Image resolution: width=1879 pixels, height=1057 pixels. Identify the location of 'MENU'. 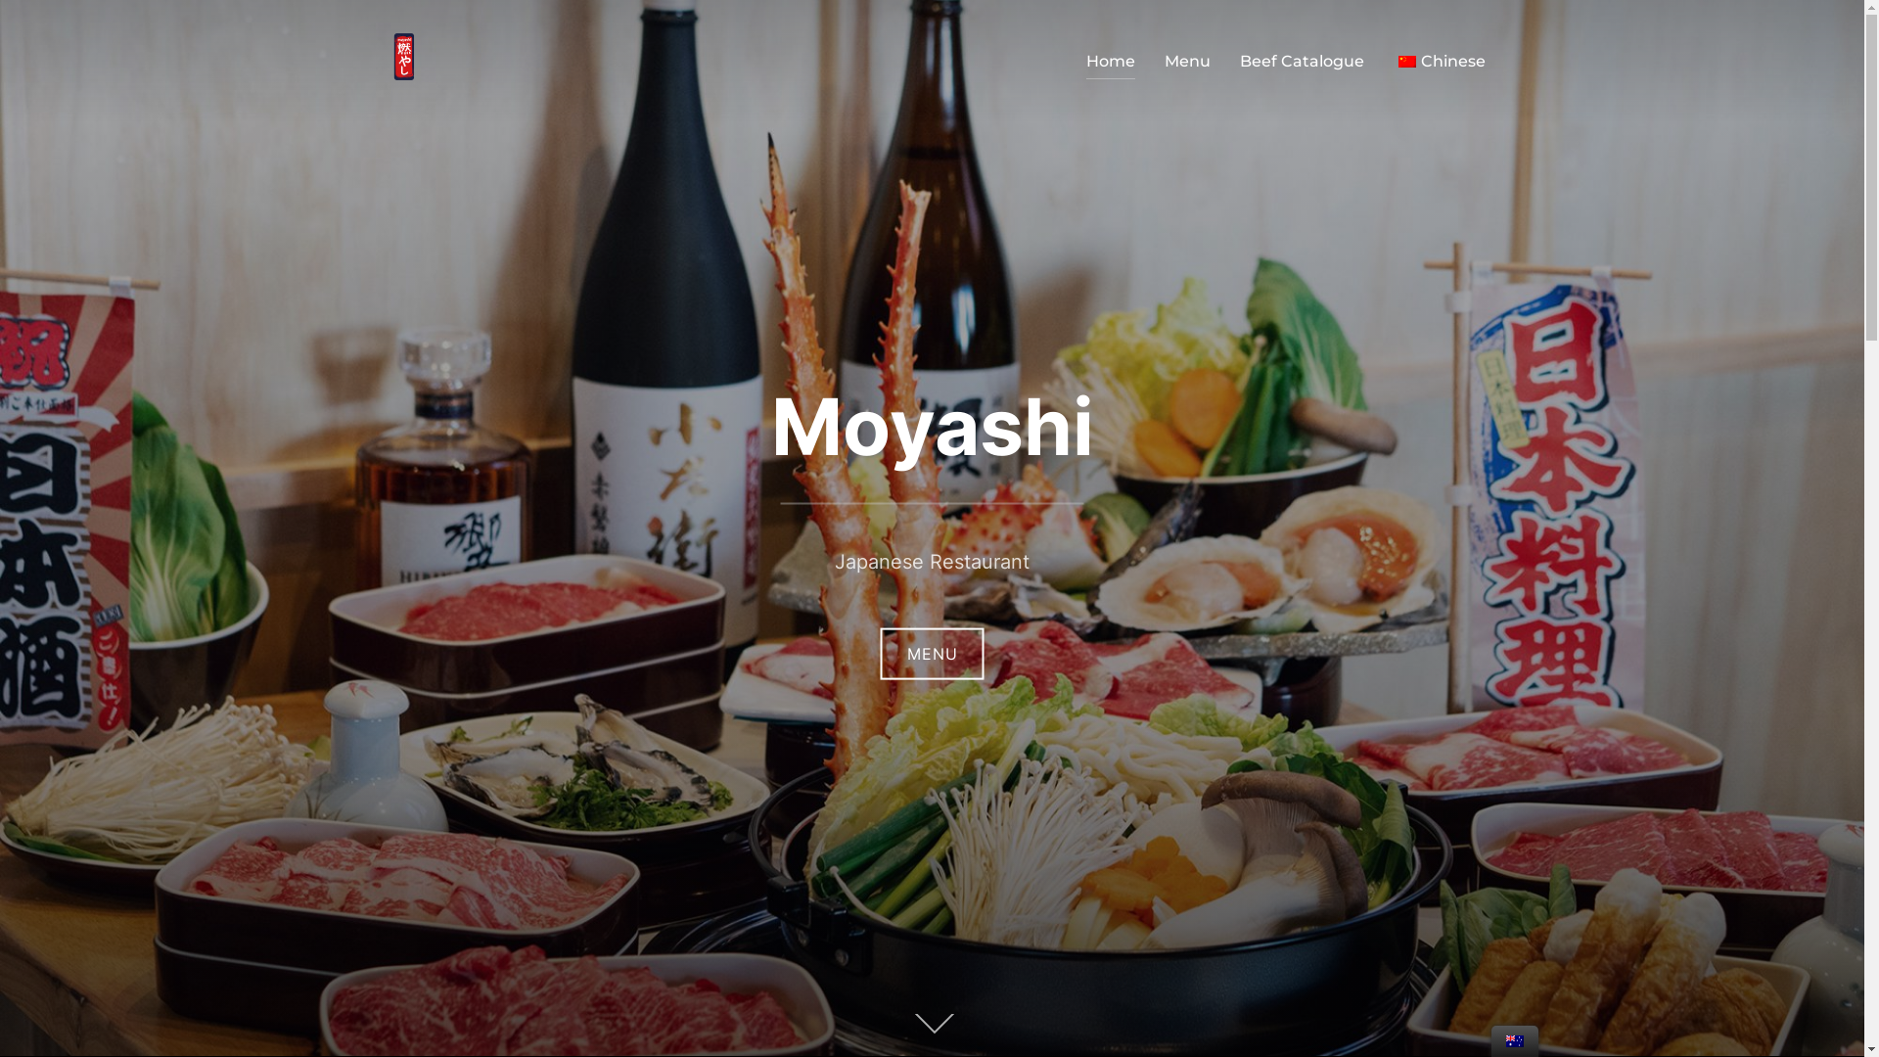
(932, 654).